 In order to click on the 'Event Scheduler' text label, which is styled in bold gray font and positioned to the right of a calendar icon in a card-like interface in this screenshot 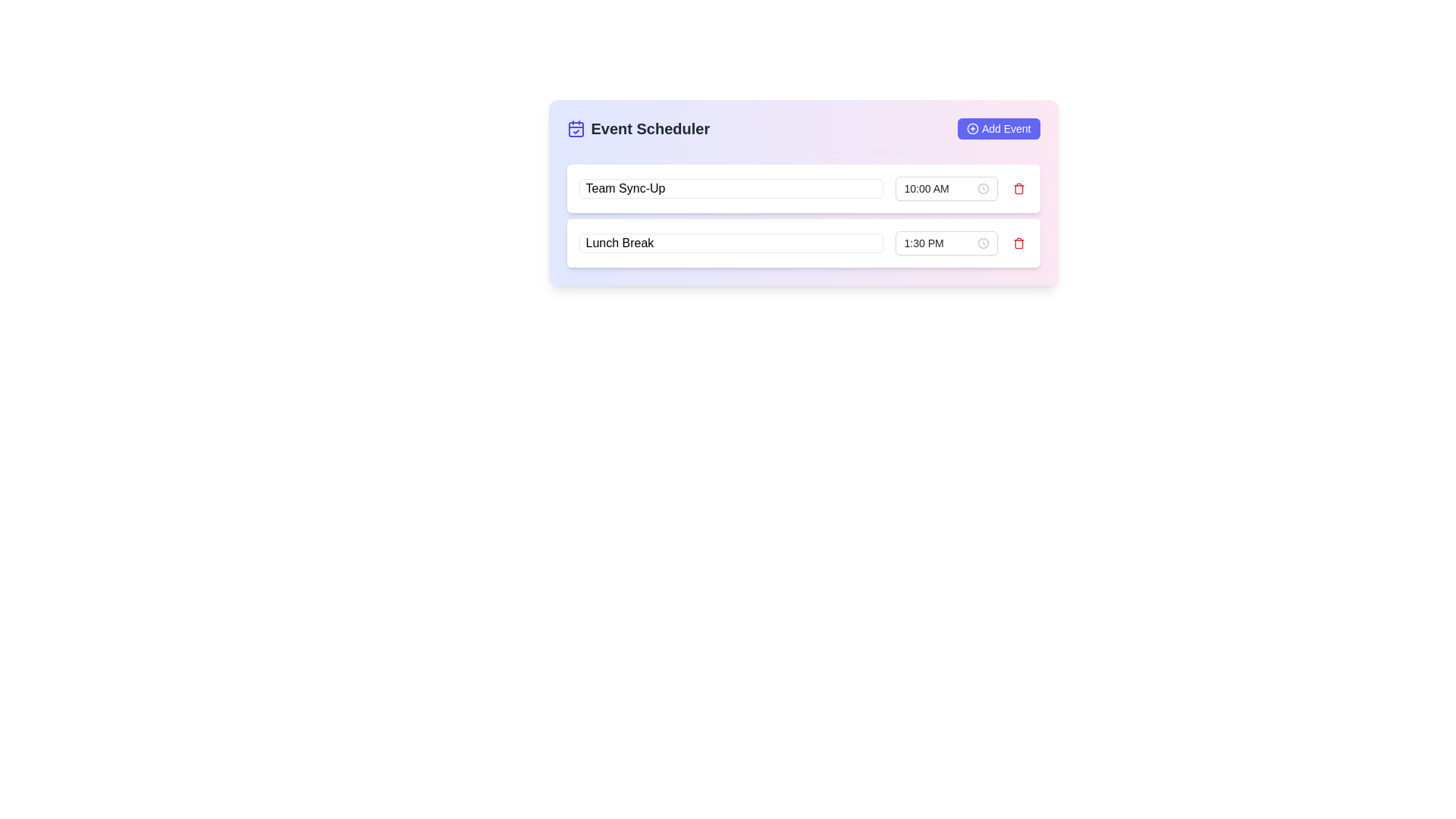, I will do `click(650, 127)`.